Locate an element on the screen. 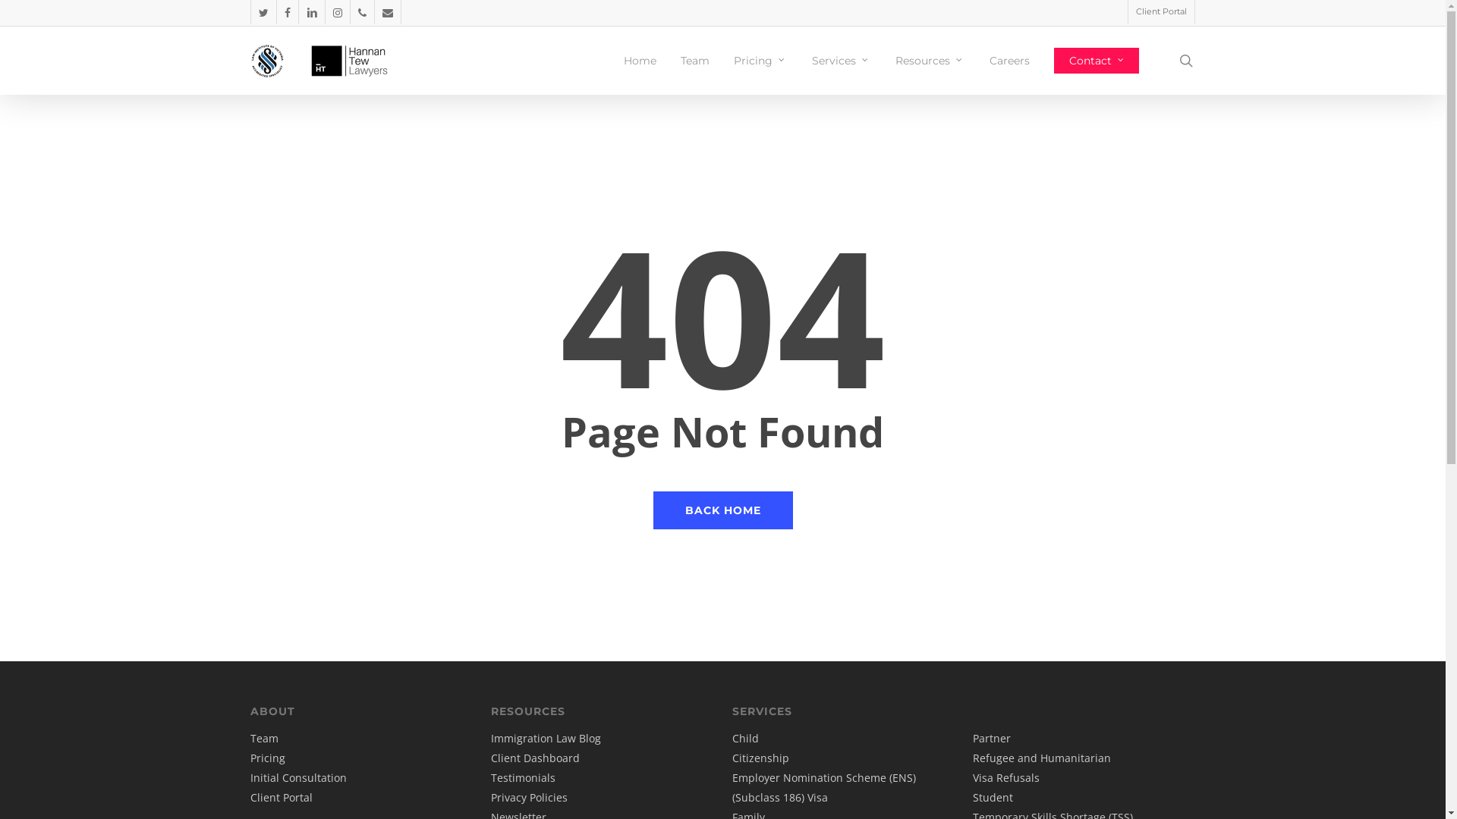 This screenshot has width=1457, height=819. 'Testimonials' is located at coordinates (523, 777).